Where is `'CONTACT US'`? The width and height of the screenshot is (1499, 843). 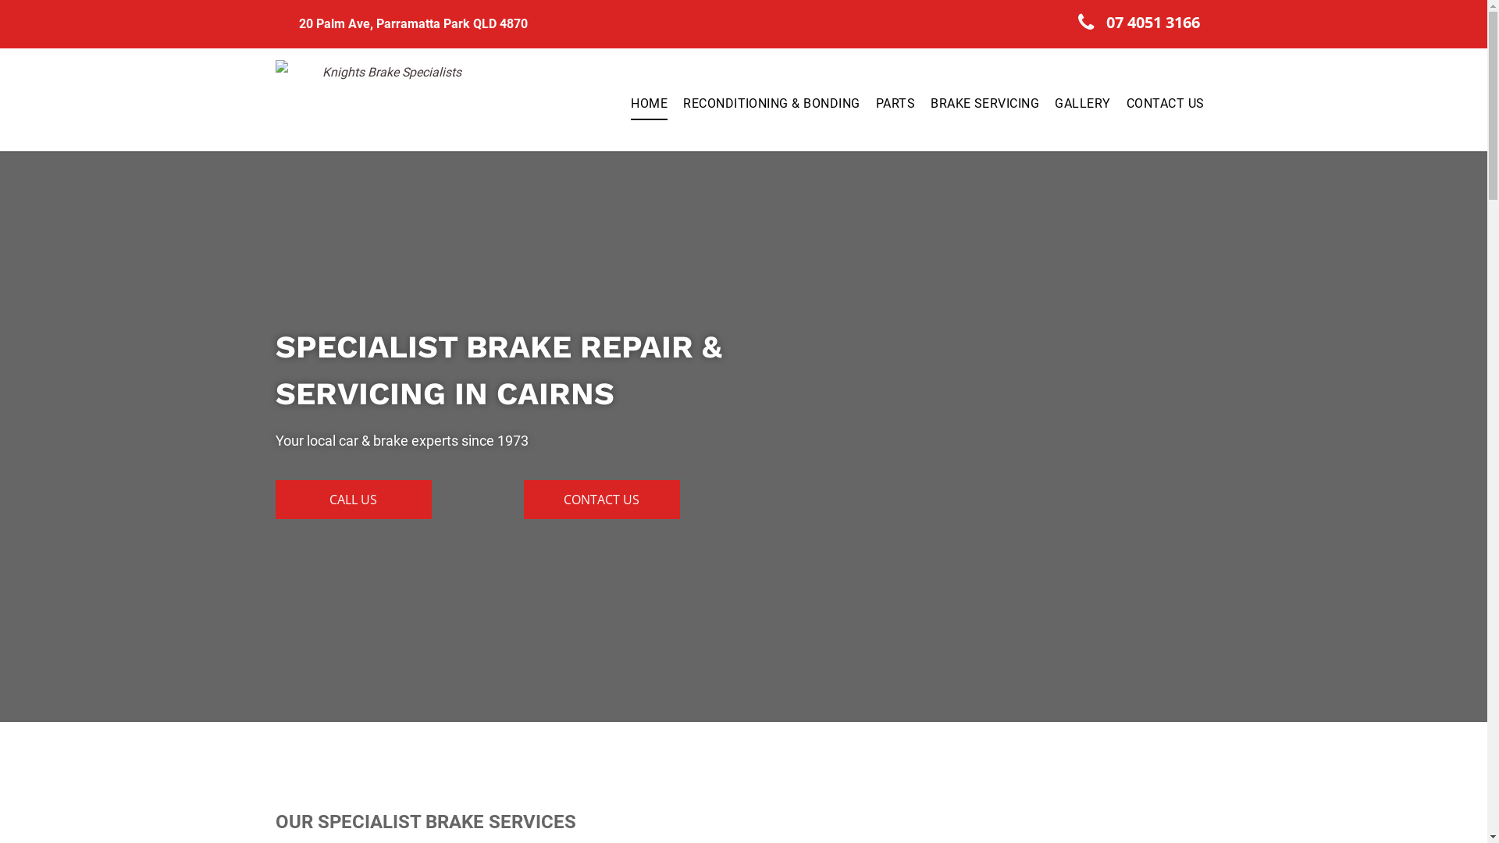
'CONTACT US' is located at coordinates (600, 500).